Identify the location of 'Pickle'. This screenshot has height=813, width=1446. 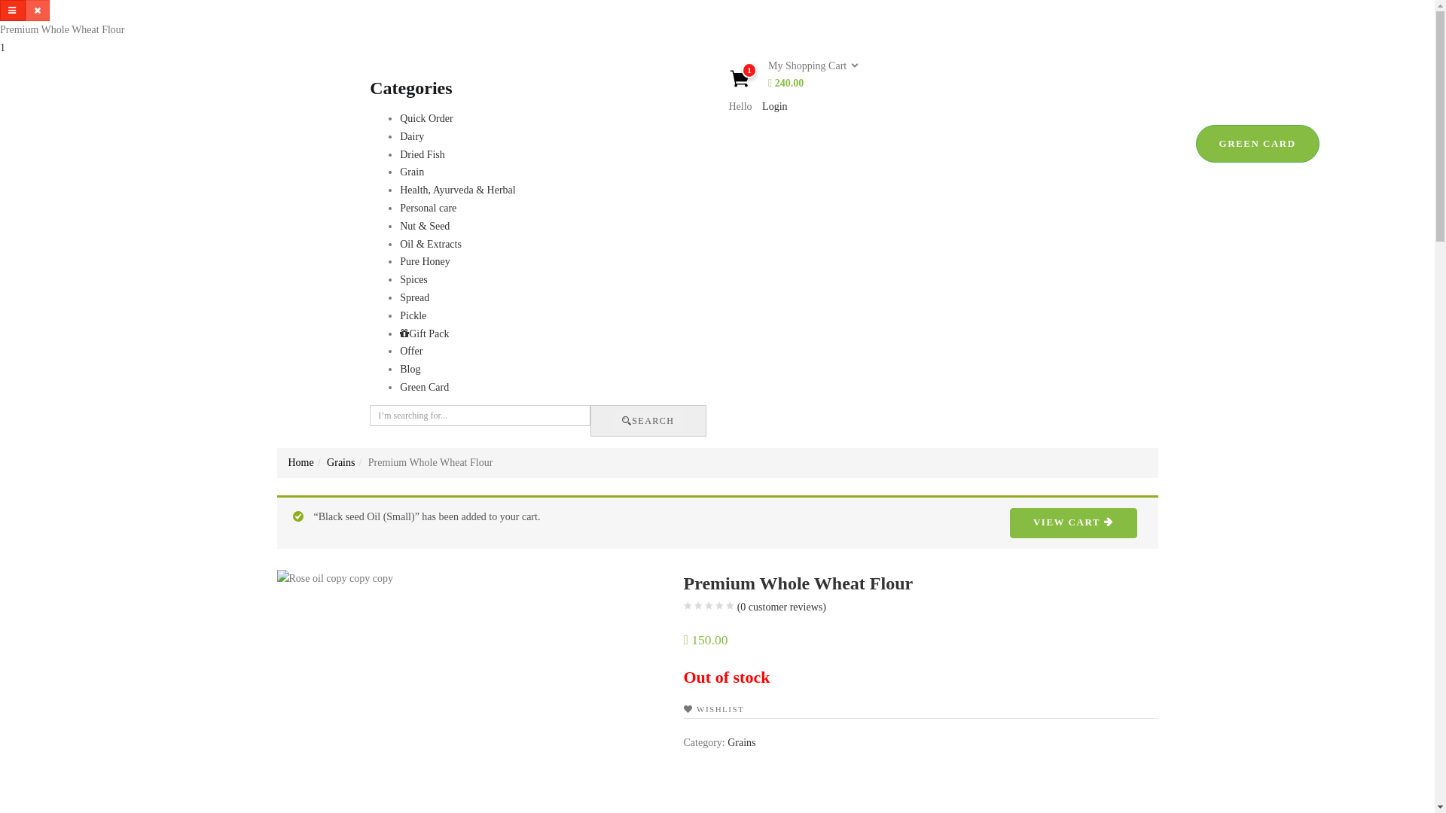
(400, 315).